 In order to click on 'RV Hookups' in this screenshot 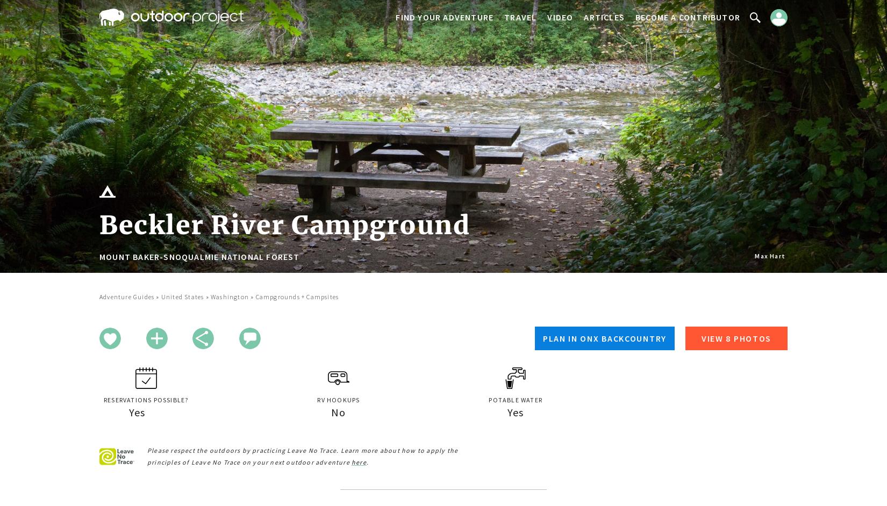, I will do `click(317, 399)`.